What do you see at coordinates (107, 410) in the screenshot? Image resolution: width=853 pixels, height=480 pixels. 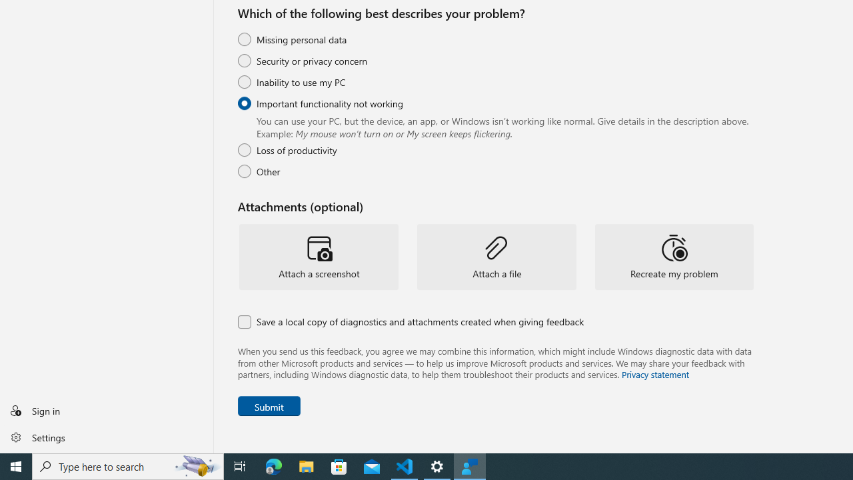 I see `'Sign in'` at bounding box center [107, 410].